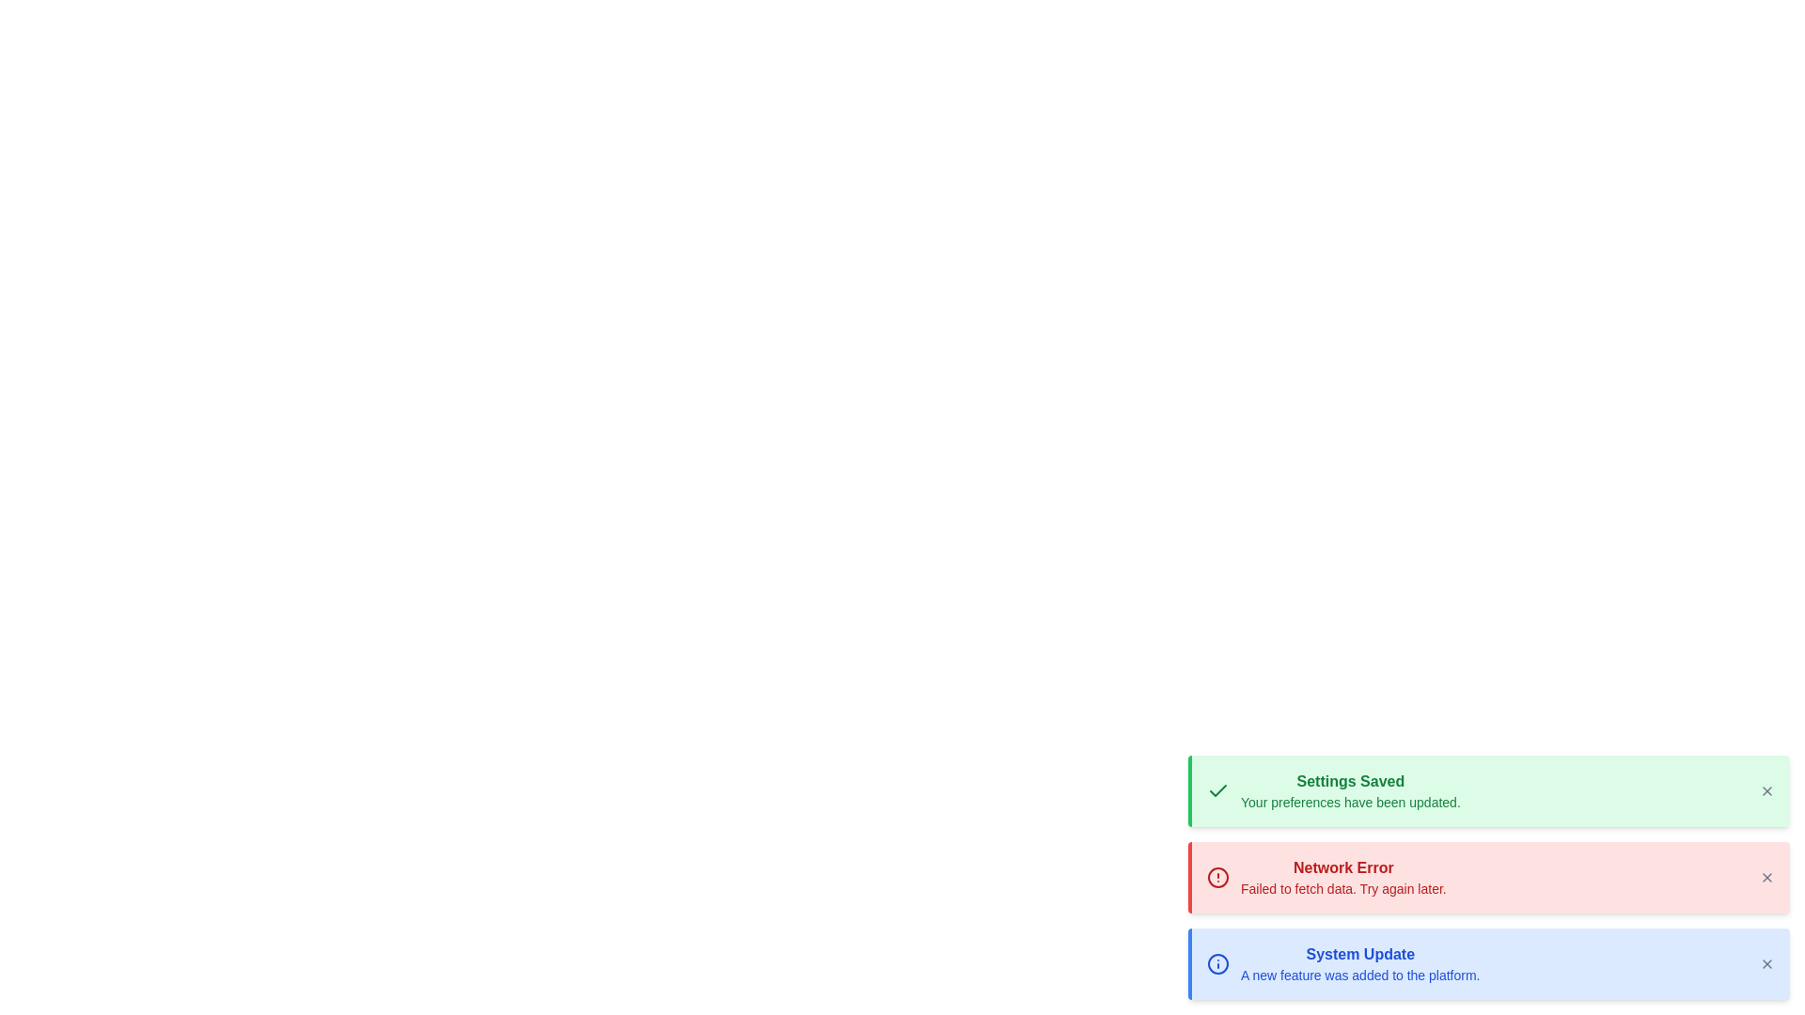  Describe the element at coordinates (1218, 790) in the screenshot. I see `the checkmark icon within the success message box labeled 'Settings Saved', which is characterized by its green stroke color and minimalistic SVG design` at that location.